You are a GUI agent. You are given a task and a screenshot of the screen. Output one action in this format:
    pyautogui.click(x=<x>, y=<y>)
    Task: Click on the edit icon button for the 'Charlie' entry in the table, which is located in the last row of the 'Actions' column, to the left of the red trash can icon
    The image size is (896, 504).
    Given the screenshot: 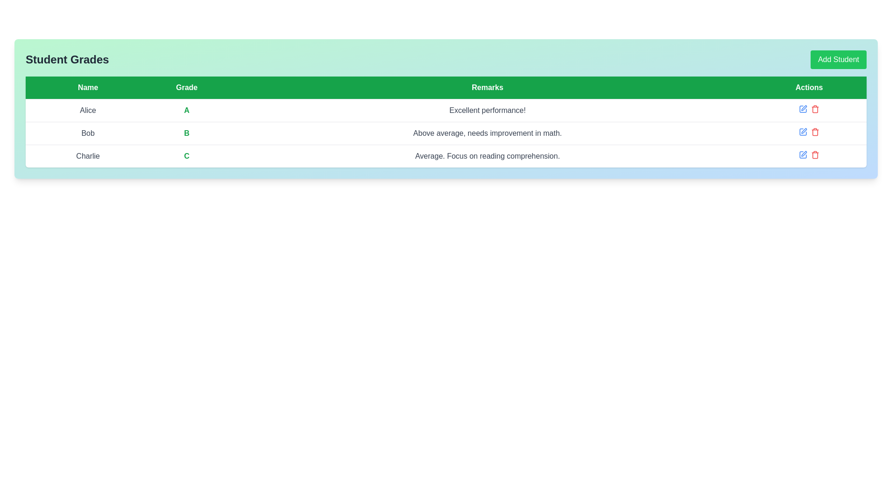 What is the action you would take?
    pyautogui.click(x=803, y=154)
    